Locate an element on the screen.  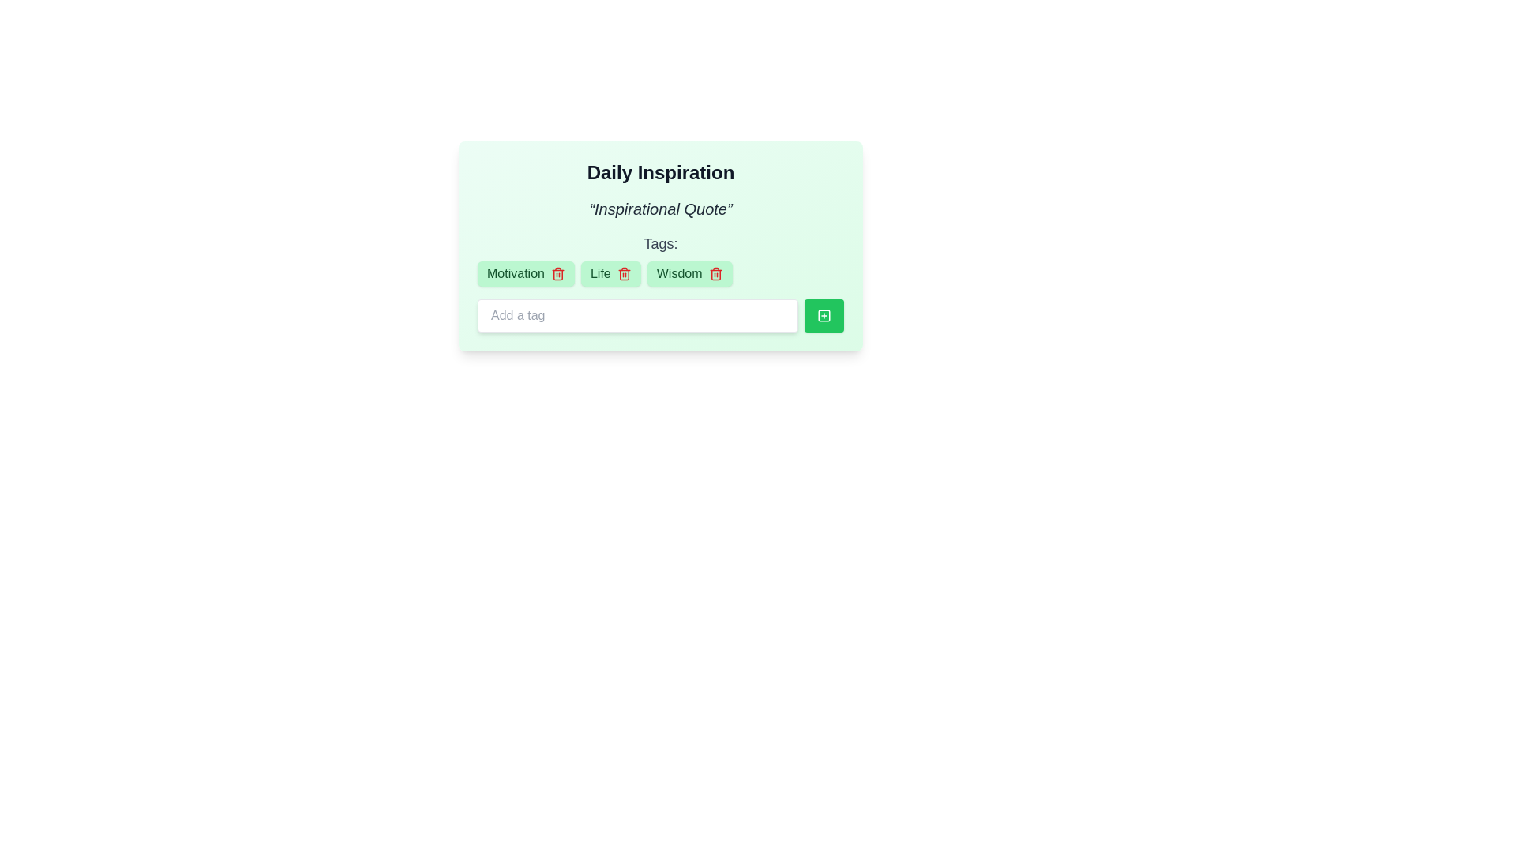
the SVG icon within the button located at the far right of the 'Tags' section is located at coordinates (823, 316).